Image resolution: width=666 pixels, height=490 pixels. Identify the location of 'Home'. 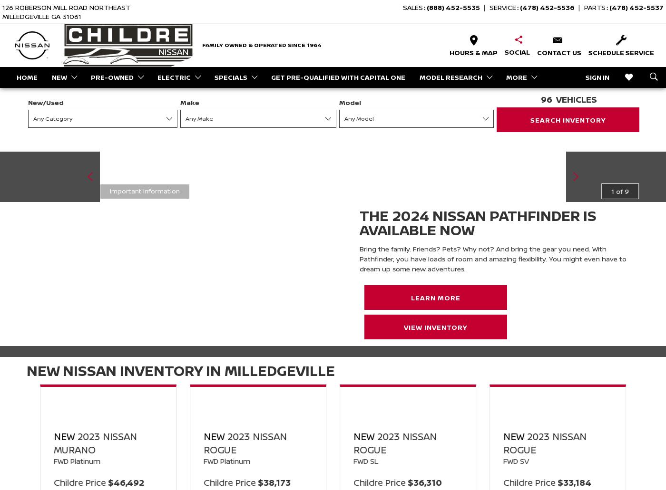
(27, 76).